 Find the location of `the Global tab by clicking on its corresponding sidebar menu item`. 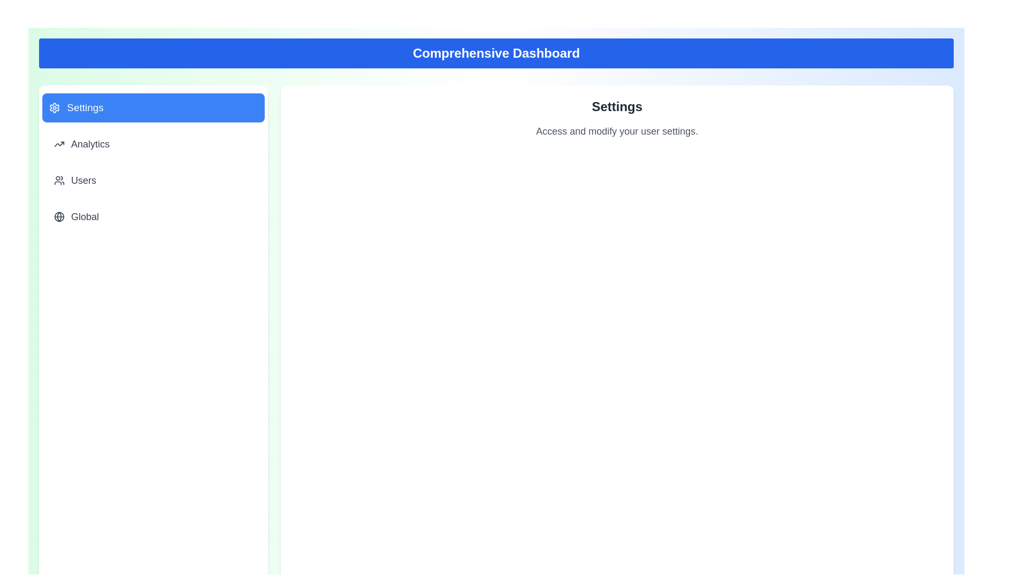

the Global tab by clicking on its corresponding sidebar menu item is located at coordinates (152, 216).